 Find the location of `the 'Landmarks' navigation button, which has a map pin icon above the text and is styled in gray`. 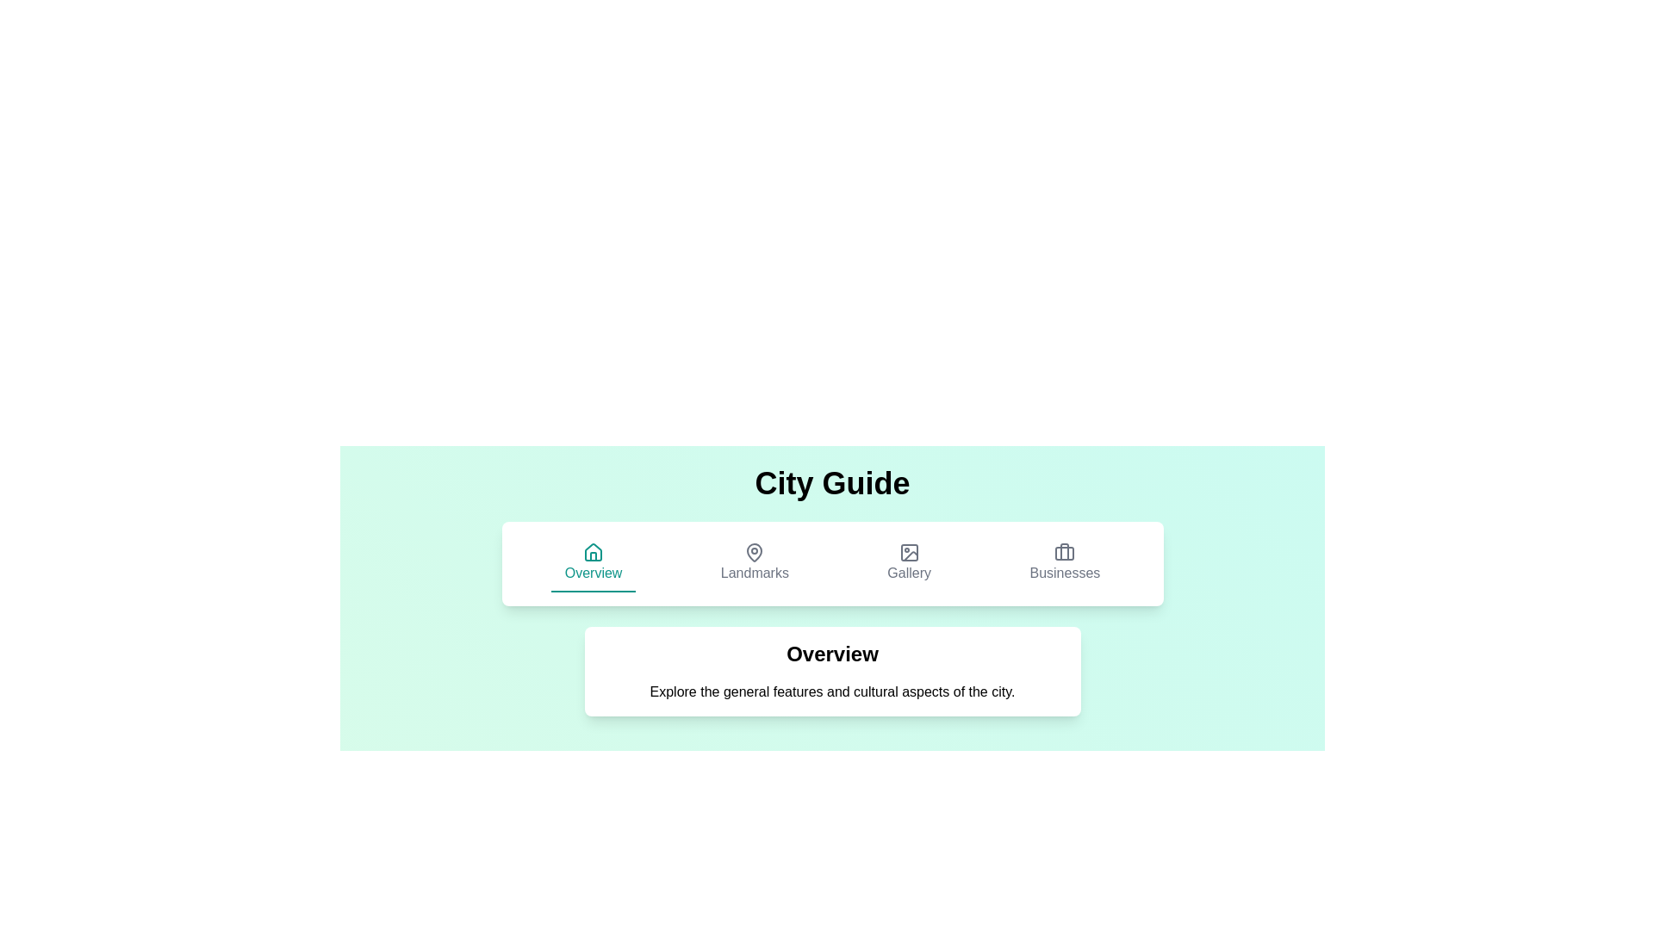

the 'Landmarks' navigation button, which has a map pin icon above the text and is styled in gray is located at coordinates (755, 564).